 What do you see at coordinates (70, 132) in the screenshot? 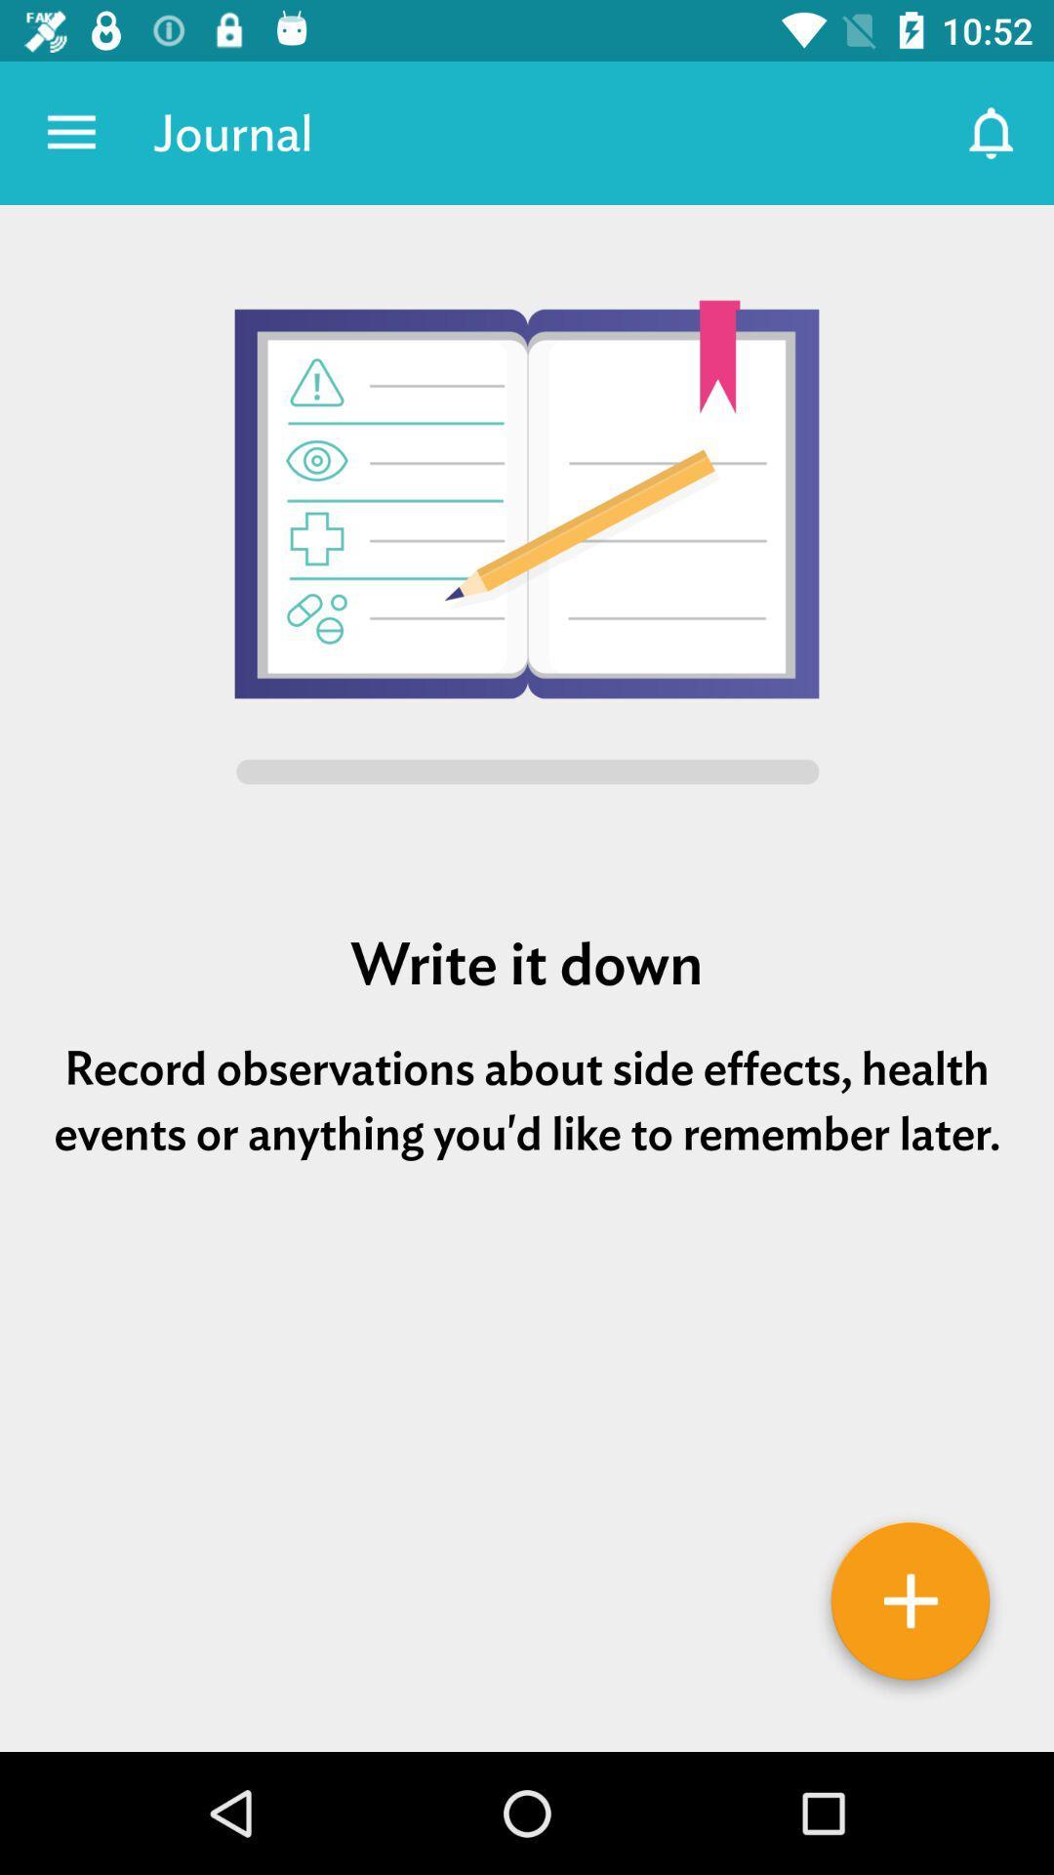
I see `icon next to journal` at bounding box center [70, 132].